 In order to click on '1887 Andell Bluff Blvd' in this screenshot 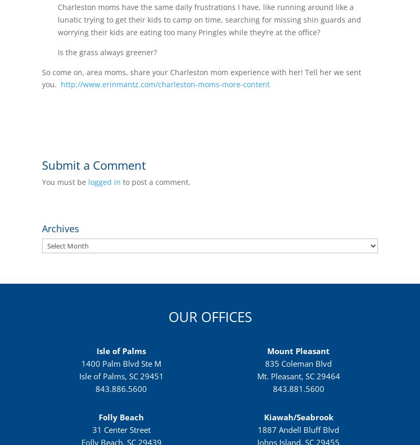, I will do `click(298, 429)`.